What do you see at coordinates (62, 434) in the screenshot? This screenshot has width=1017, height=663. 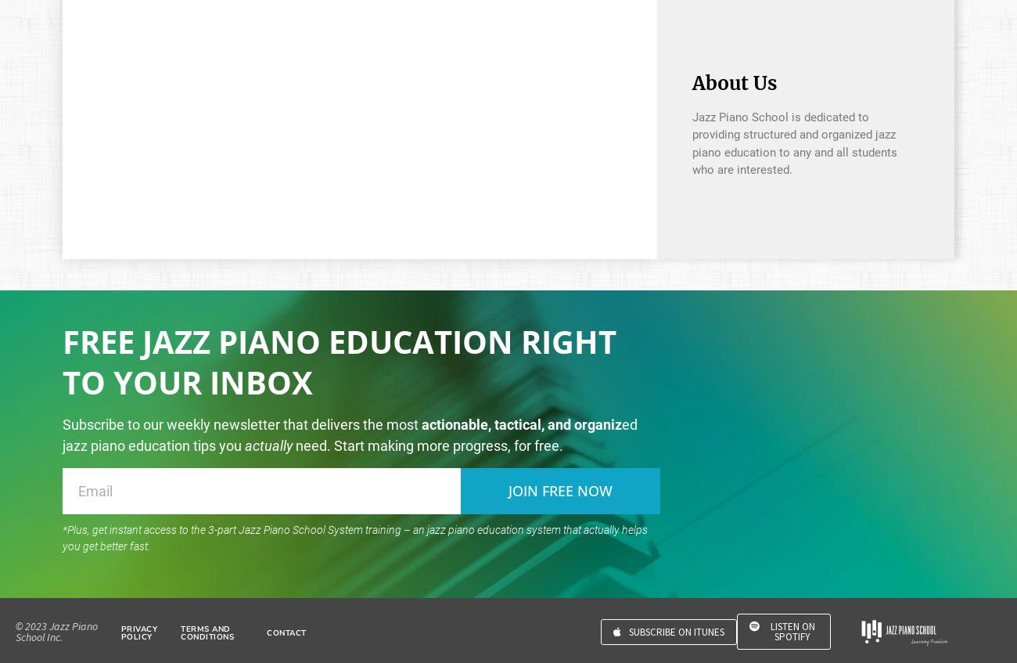 I see `'ed jazz piano education tips you'` at bounding box center [62, 434].